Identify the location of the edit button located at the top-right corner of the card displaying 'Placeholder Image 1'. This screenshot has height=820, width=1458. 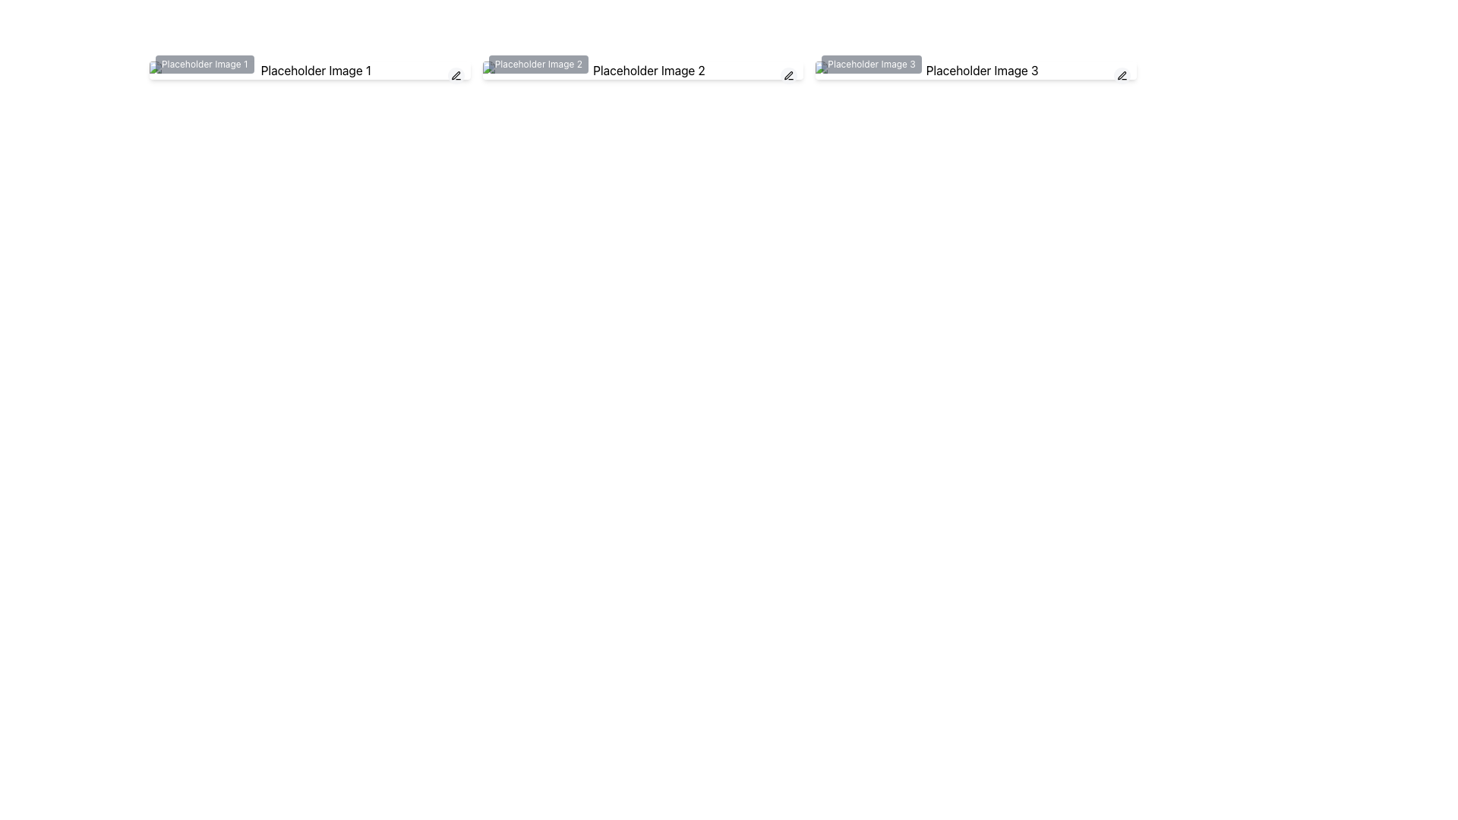
(455, 76).